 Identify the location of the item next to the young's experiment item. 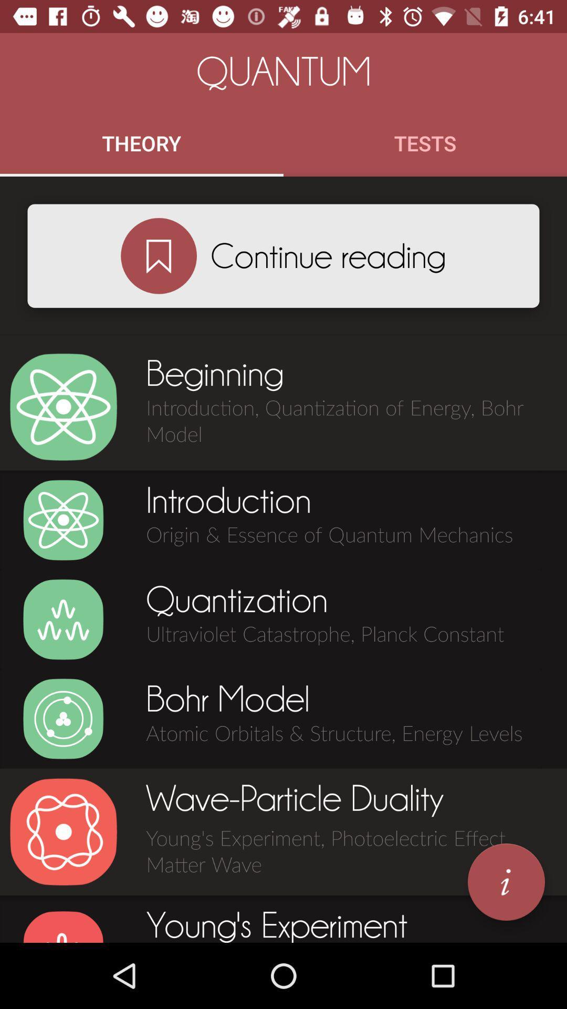
(506, 882).